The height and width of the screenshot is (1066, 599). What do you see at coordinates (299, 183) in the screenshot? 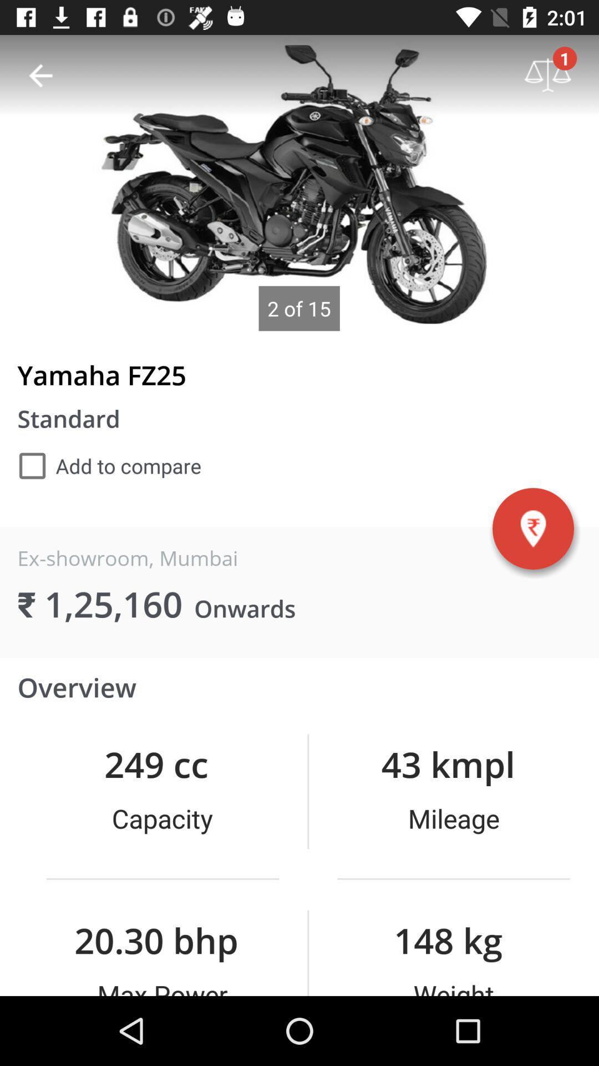
I see `picture space display` at bounding box center [299, 183].